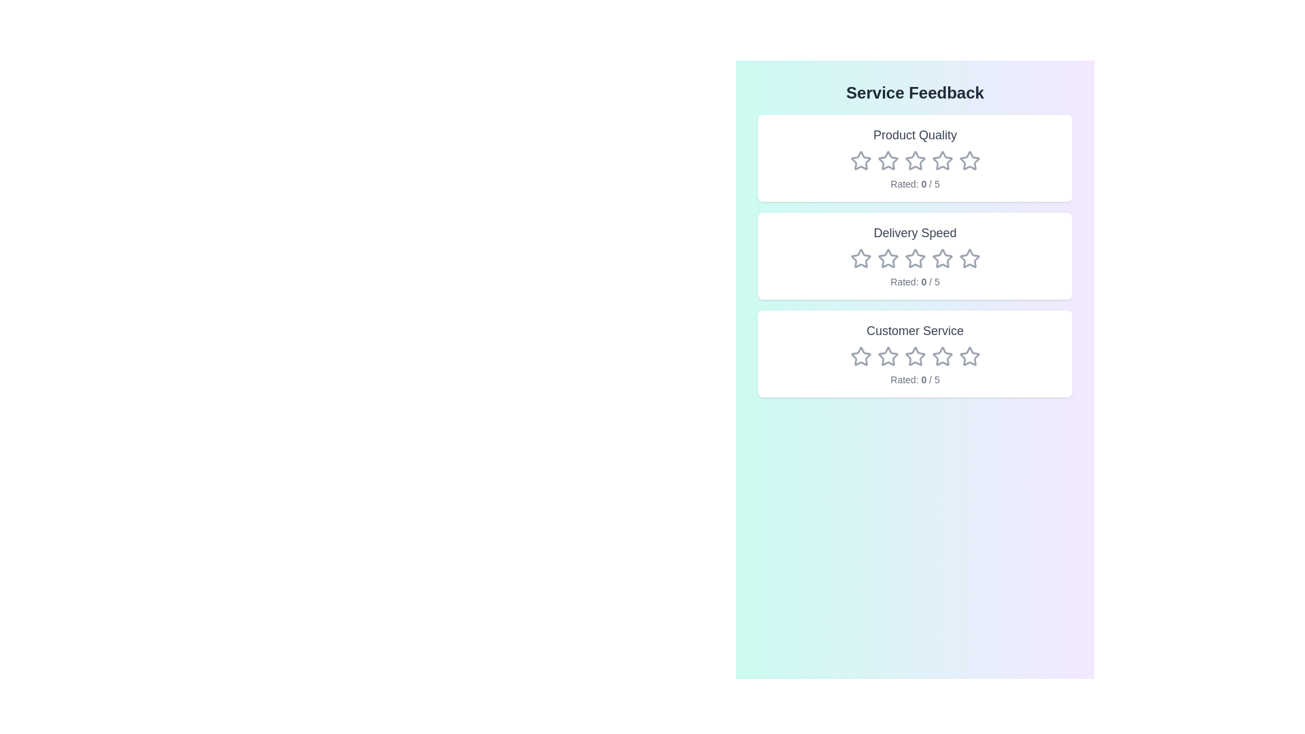  Describe the element at coordinates (860, 160) in the screenshot. I see `the rating for the category Product Quality to 1 stars` at that location.